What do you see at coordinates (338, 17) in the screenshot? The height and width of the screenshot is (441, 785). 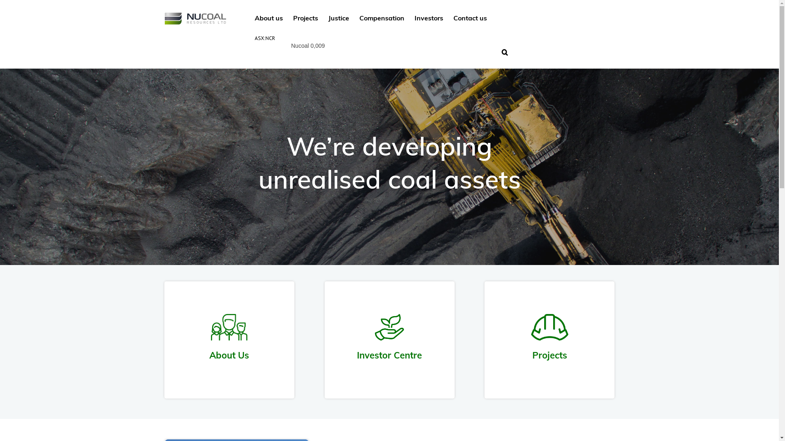 I see `'Justice'` at bounding box center [338, 17].